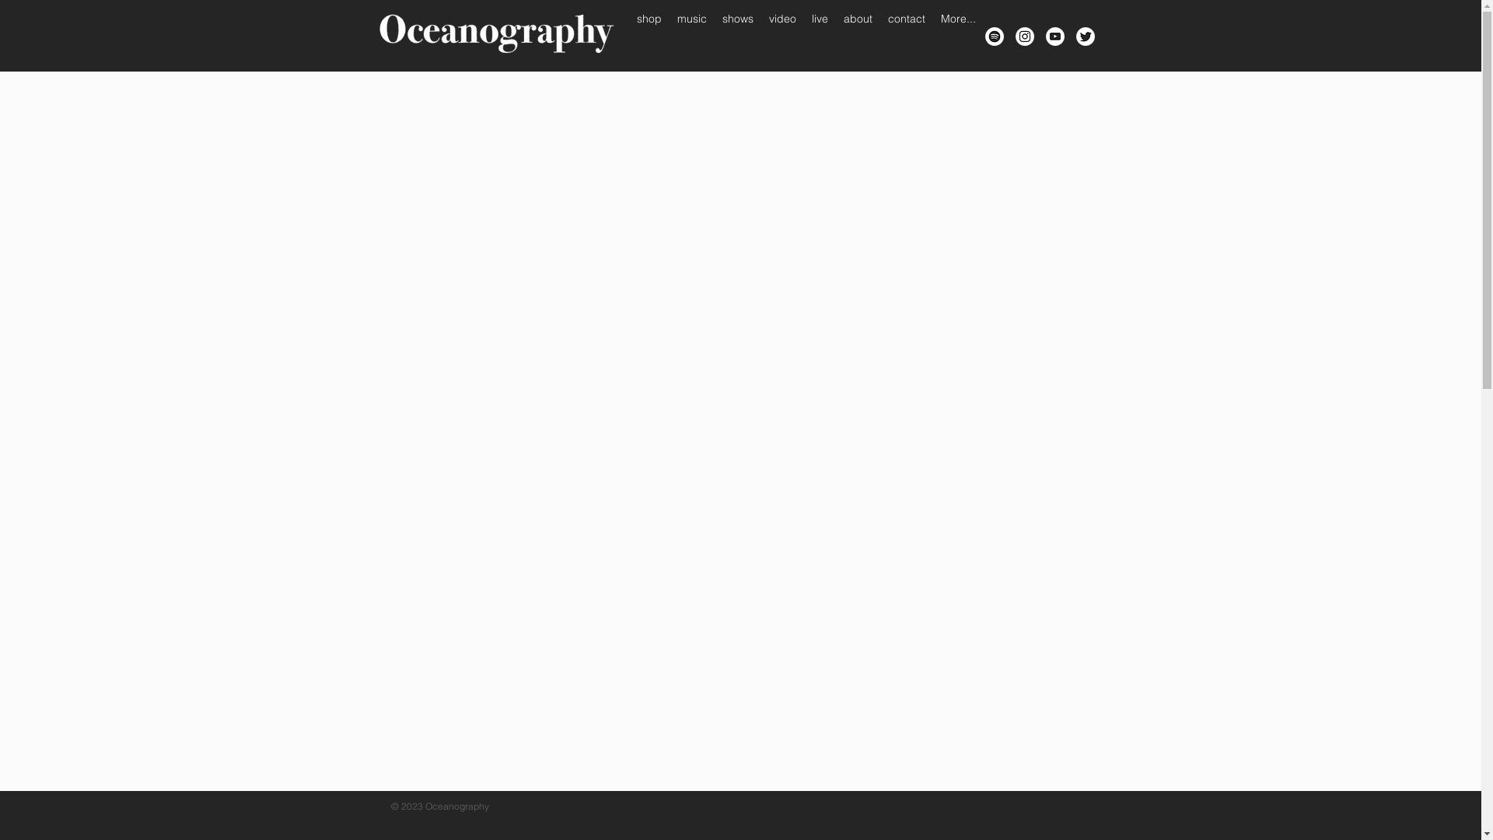  What do you see at coordinates (760, 35) in the screenshot?
I see `'video'` at bounding box center [760, 35].